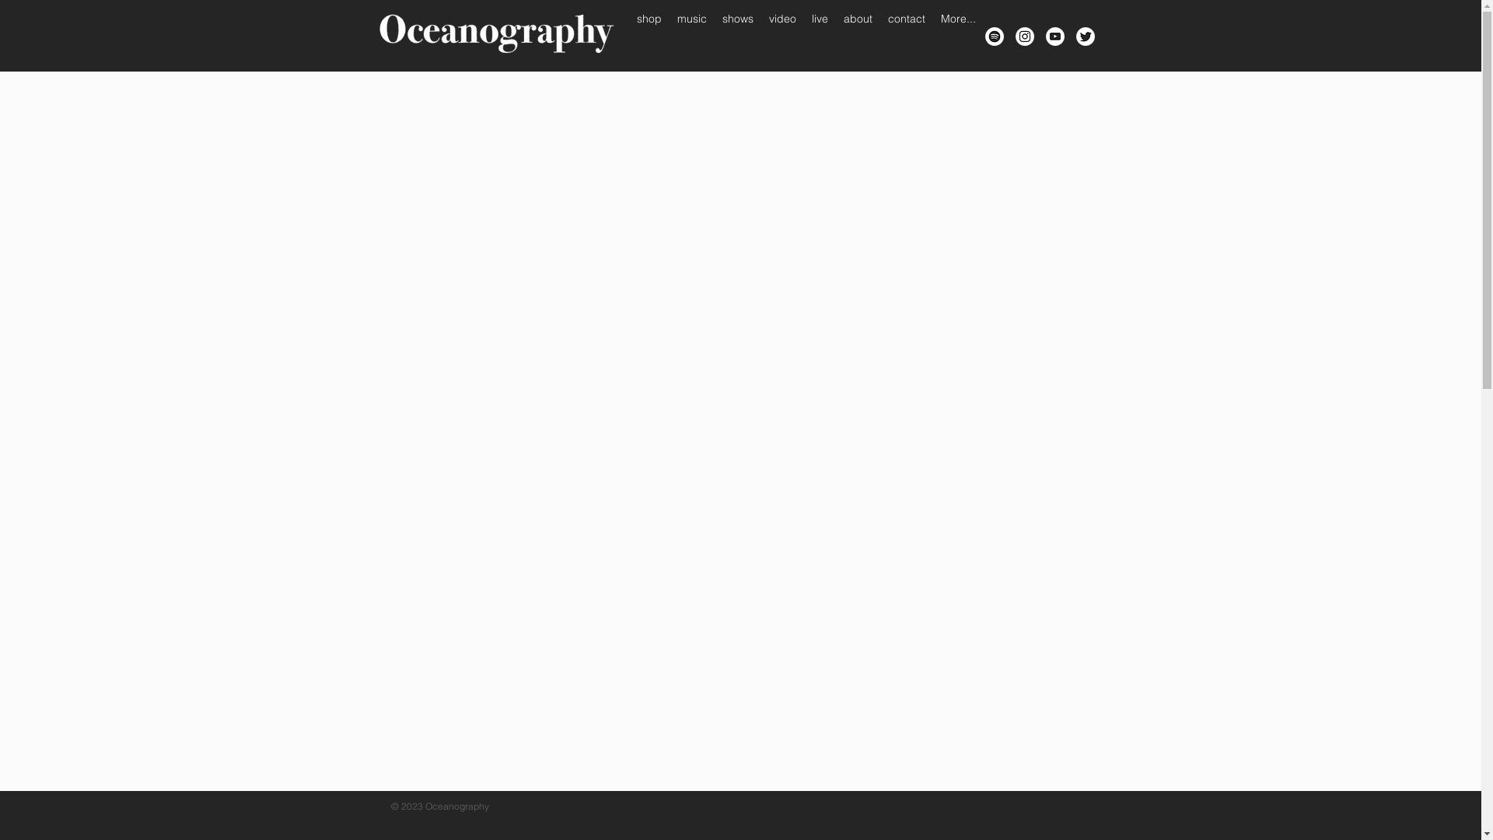  What do you see at coordinates (760, 35) in the screenshot?
I see `'video'` at bounding box center [760, 35].